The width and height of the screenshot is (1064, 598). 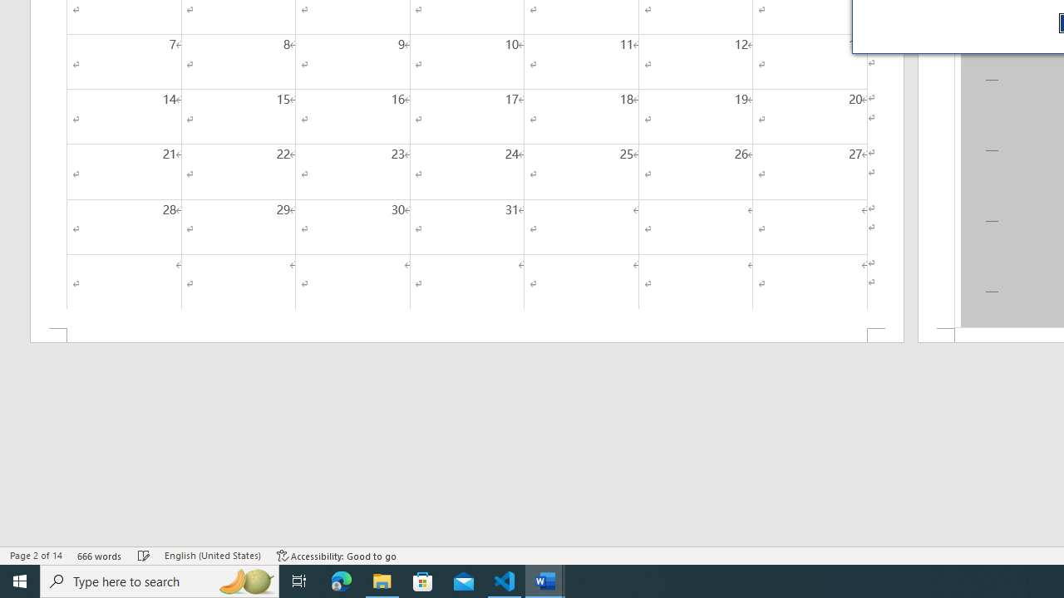 What do you see at coordinates (504, 580) in the screenshot?
I see `'Visual Studio Code - 1 running window'` at bounding box center [504, 580].